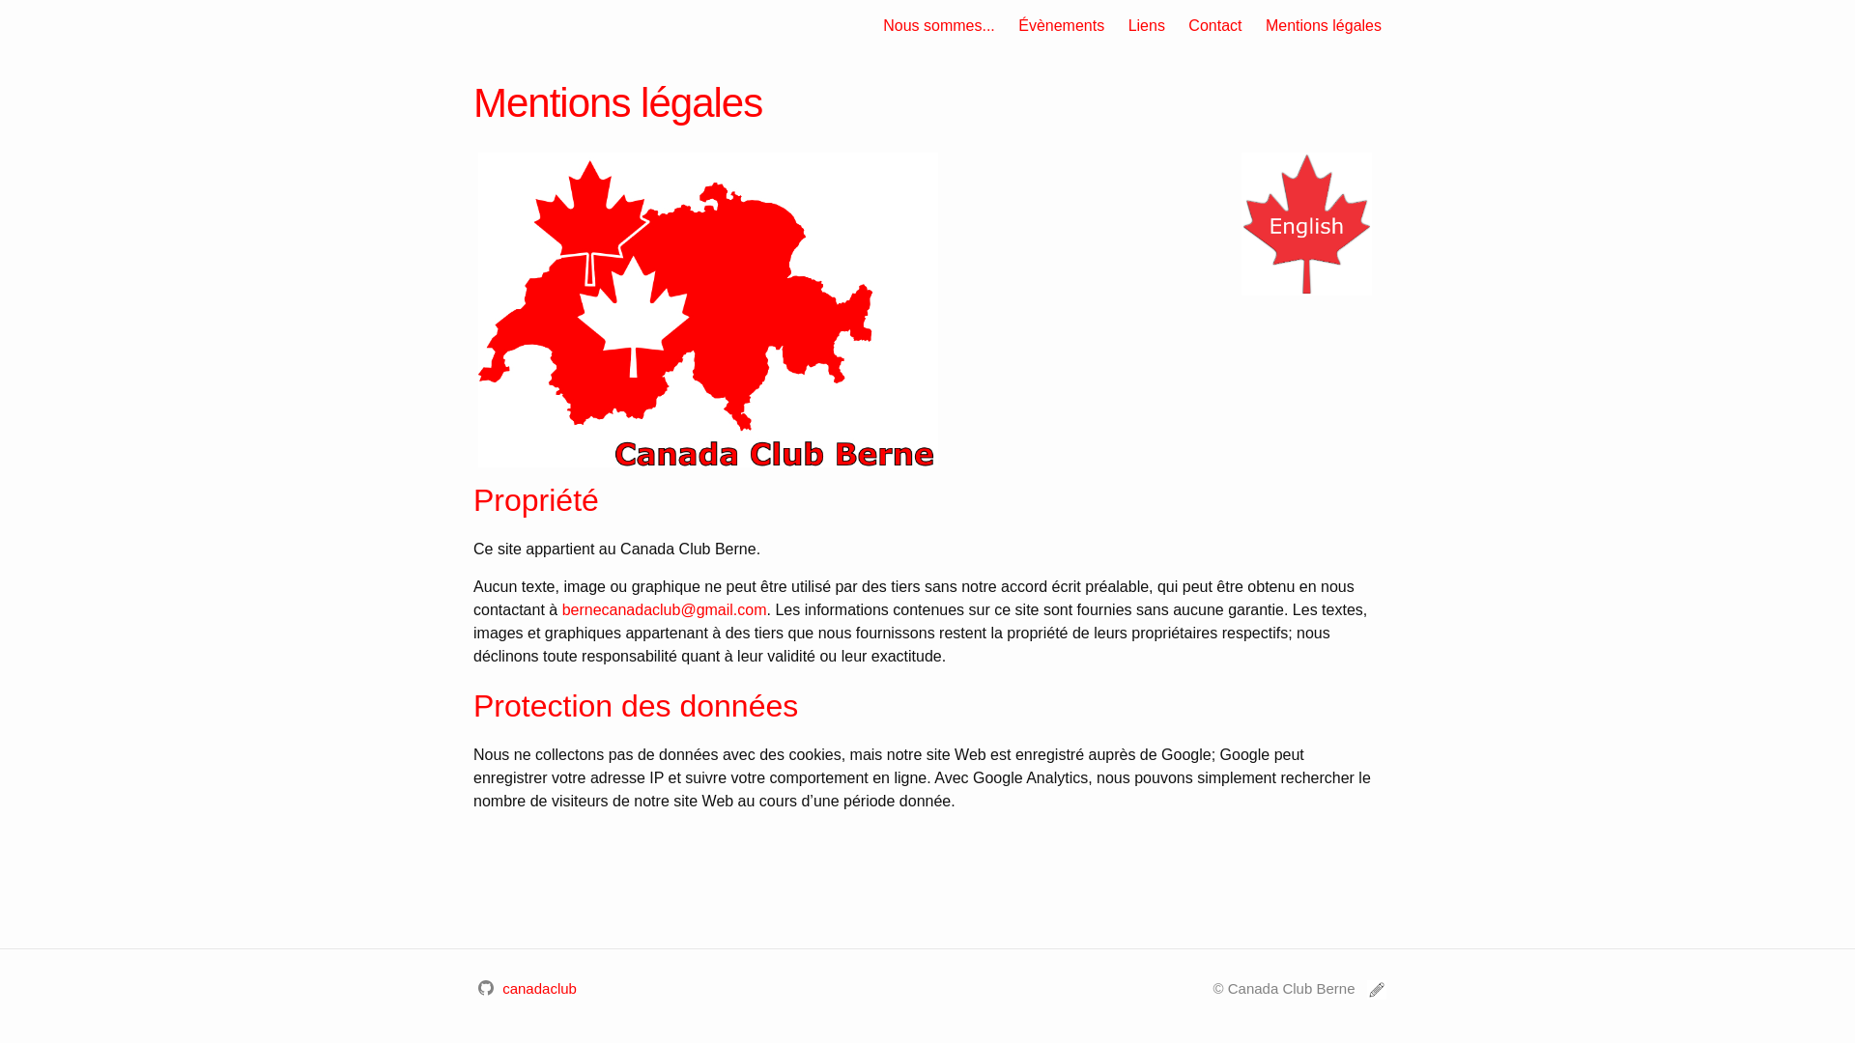 The width and height of the screenshot is (1855, 1043). I want to click on 'canadaclub', so click(528, 987).